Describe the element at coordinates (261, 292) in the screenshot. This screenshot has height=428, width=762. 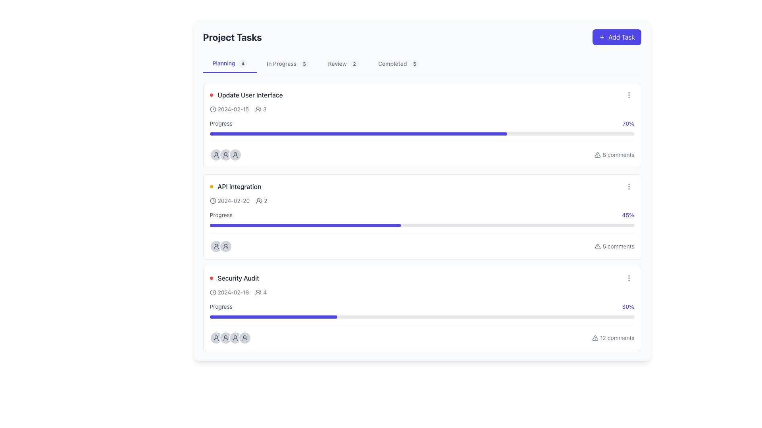
I see `the label displaying the number '4' with an accompanying user icon, located in the 'Security Audit' task section, to the right of the timestamp '2024-02-18'` at that location.